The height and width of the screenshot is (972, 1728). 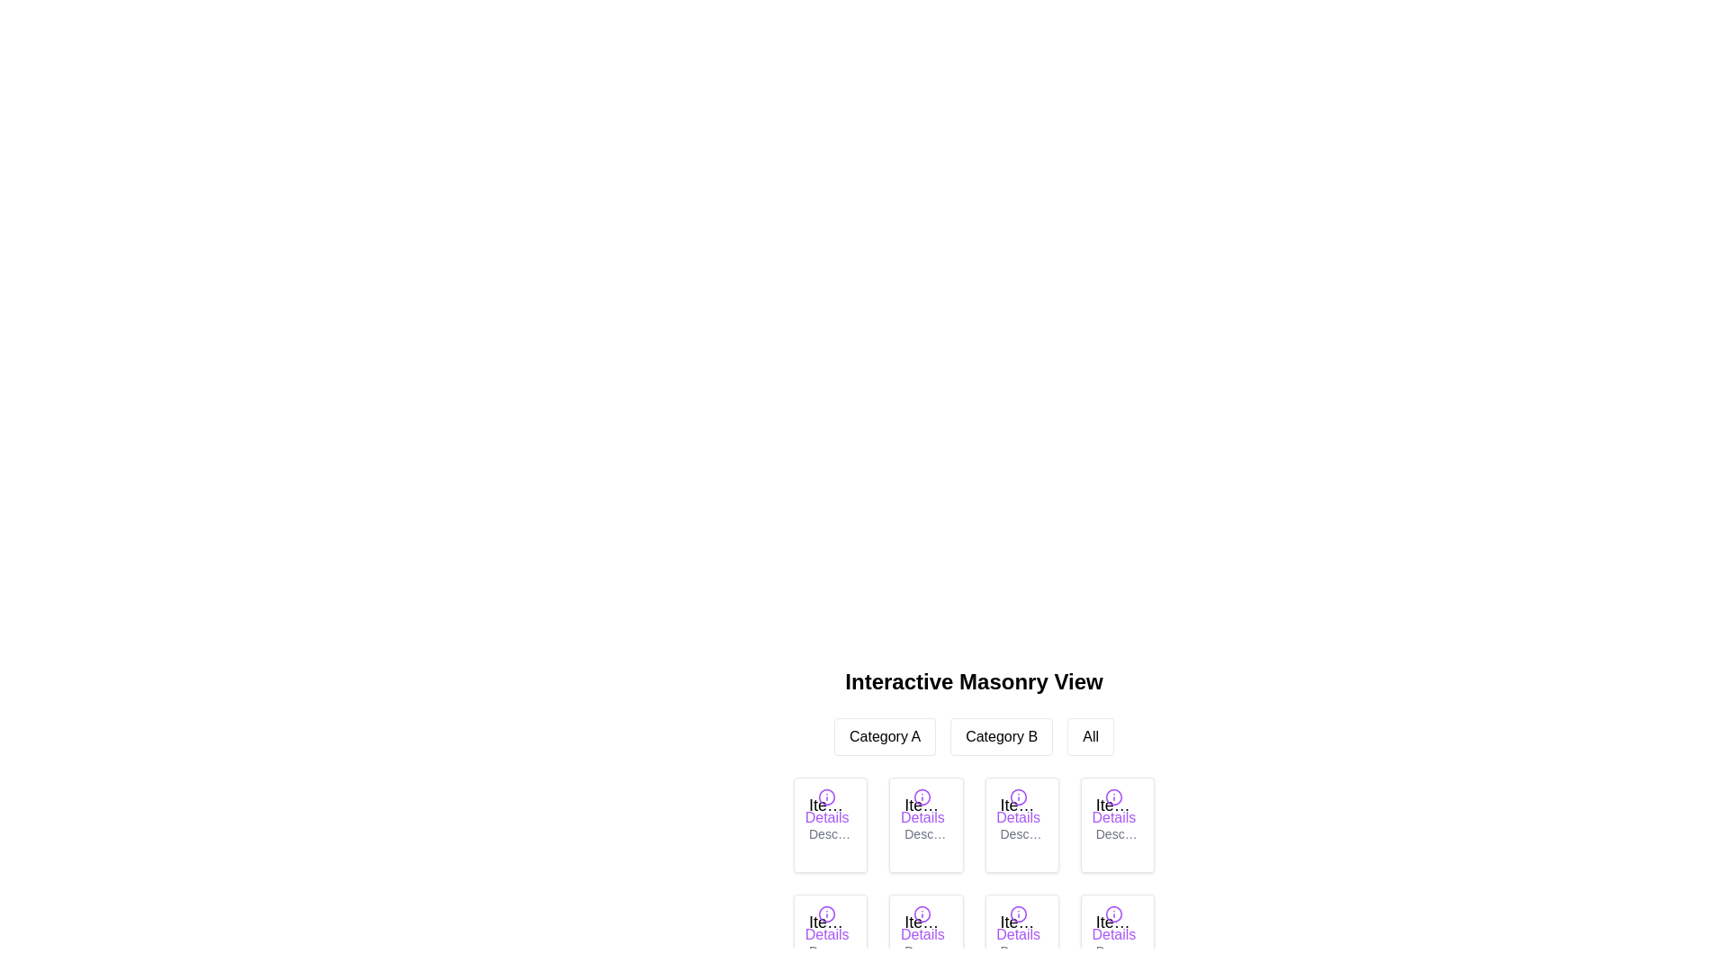 I want to click on the purple 'i' icon within the 'Details' card located in the upper-right corner of the grid layout under the 'Interactive Masonry View' title, so click(x=1018, y=796).